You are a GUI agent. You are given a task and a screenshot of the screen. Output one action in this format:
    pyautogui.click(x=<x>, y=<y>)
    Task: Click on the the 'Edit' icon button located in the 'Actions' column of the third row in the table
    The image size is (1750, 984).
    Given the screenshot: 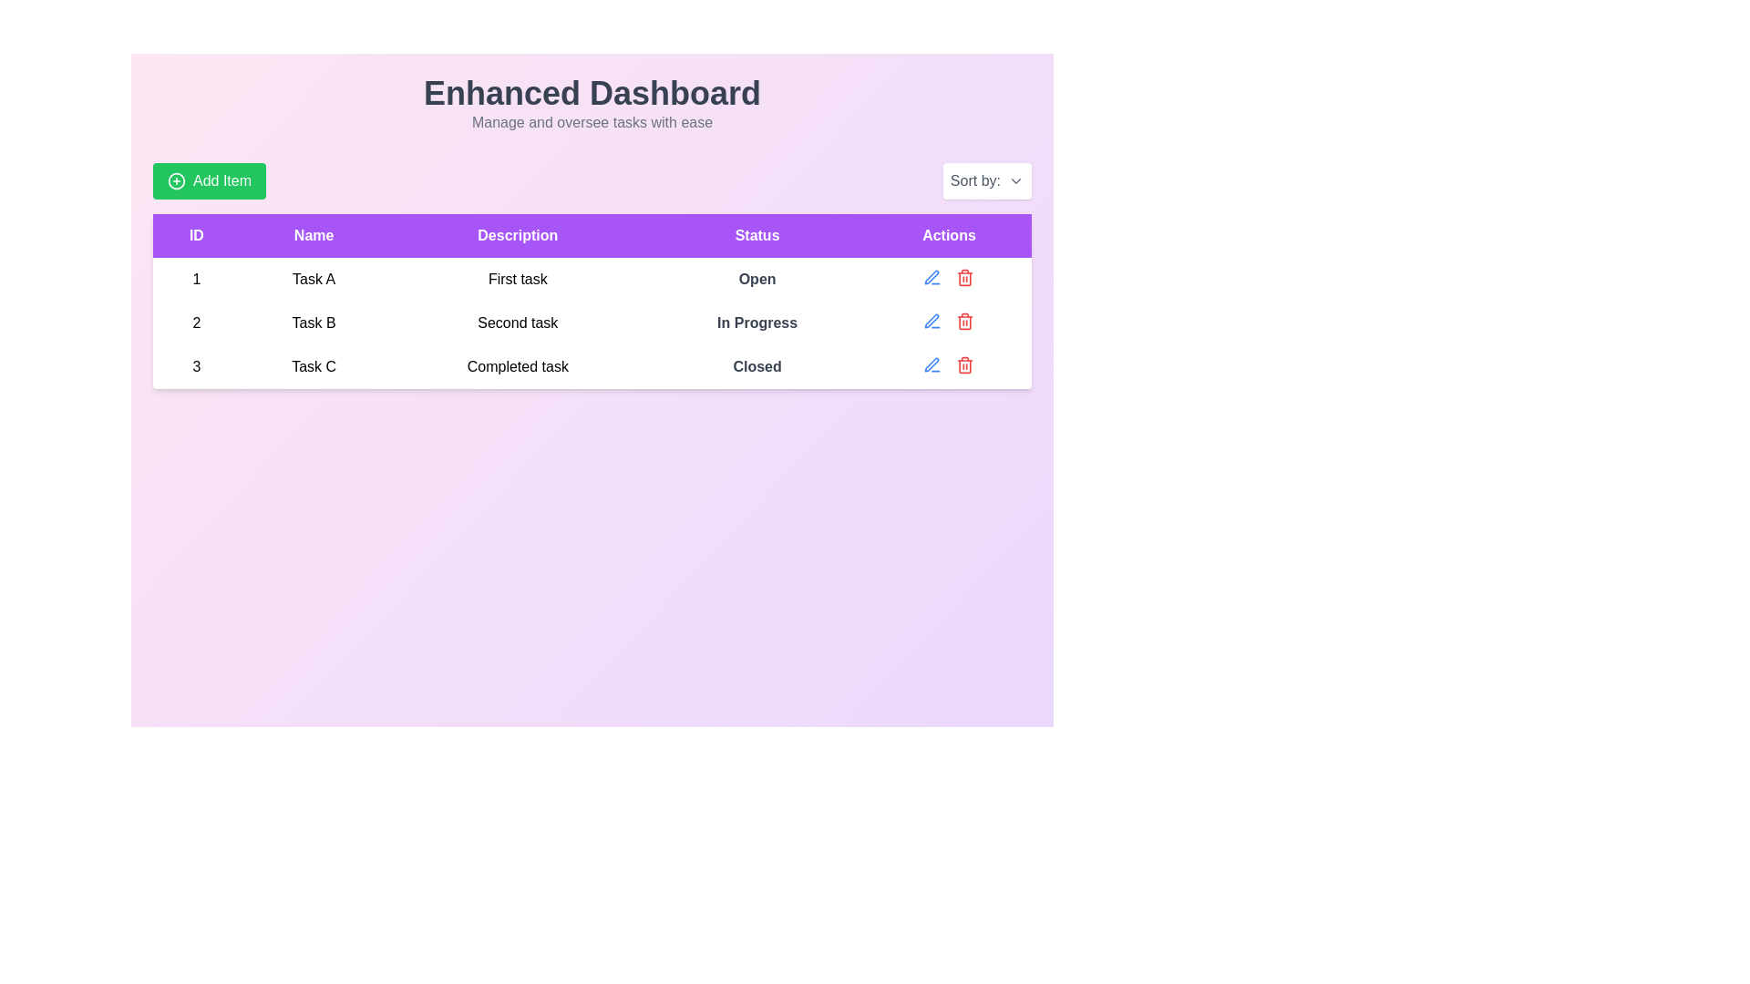 What is the action you would take?
    pyautogui.click(x=932, y=365)
    